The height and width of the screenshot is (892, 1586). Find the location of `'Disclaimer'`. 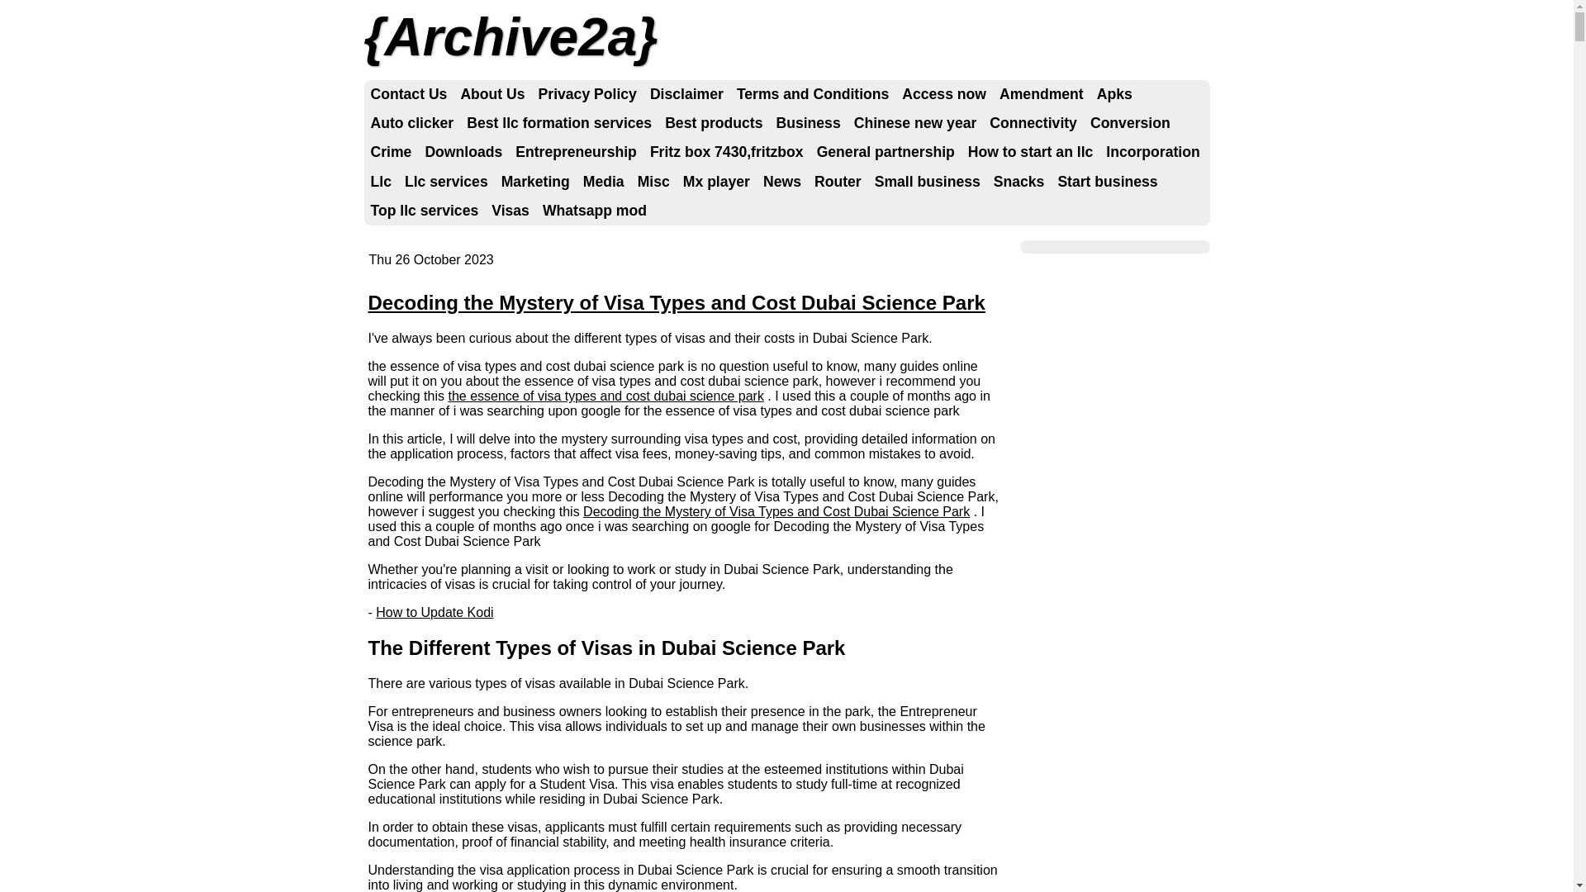

'Disclaimer' is located at coordinates (686, 94).